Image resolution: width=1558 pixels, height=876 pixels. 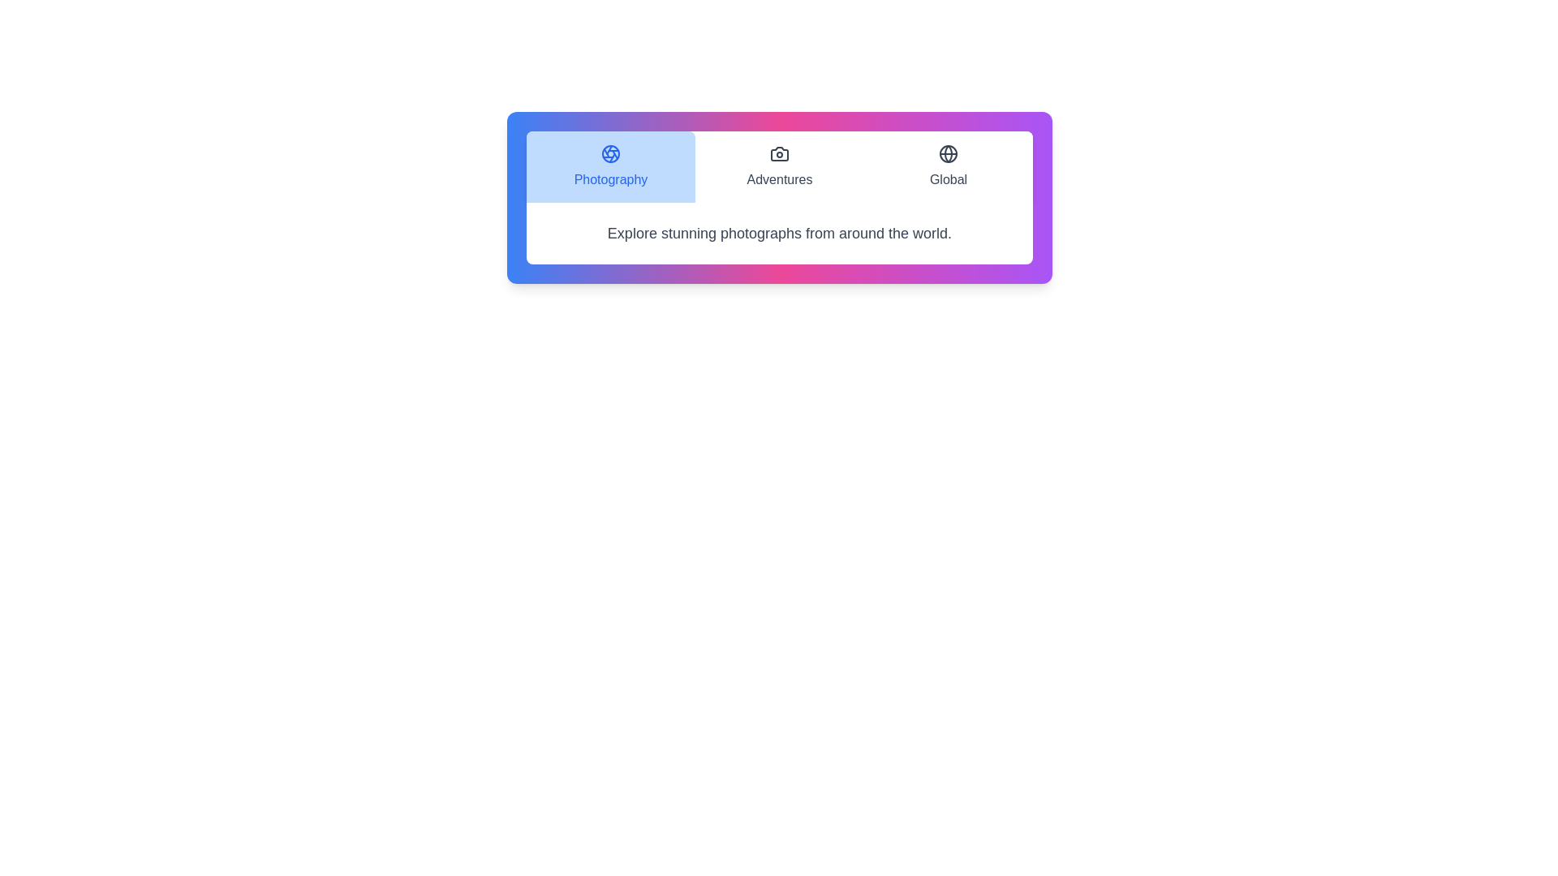 What do you see at coordinates (949, 153) in the screenshot?
I see `keyboard navigation` at bounding box center [949, 153].